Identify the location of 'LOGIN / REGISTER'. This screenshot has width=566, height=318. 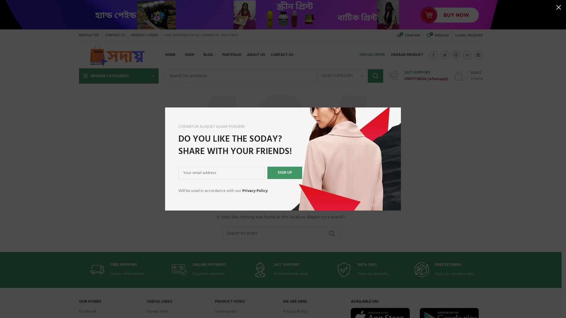
(468, 35).